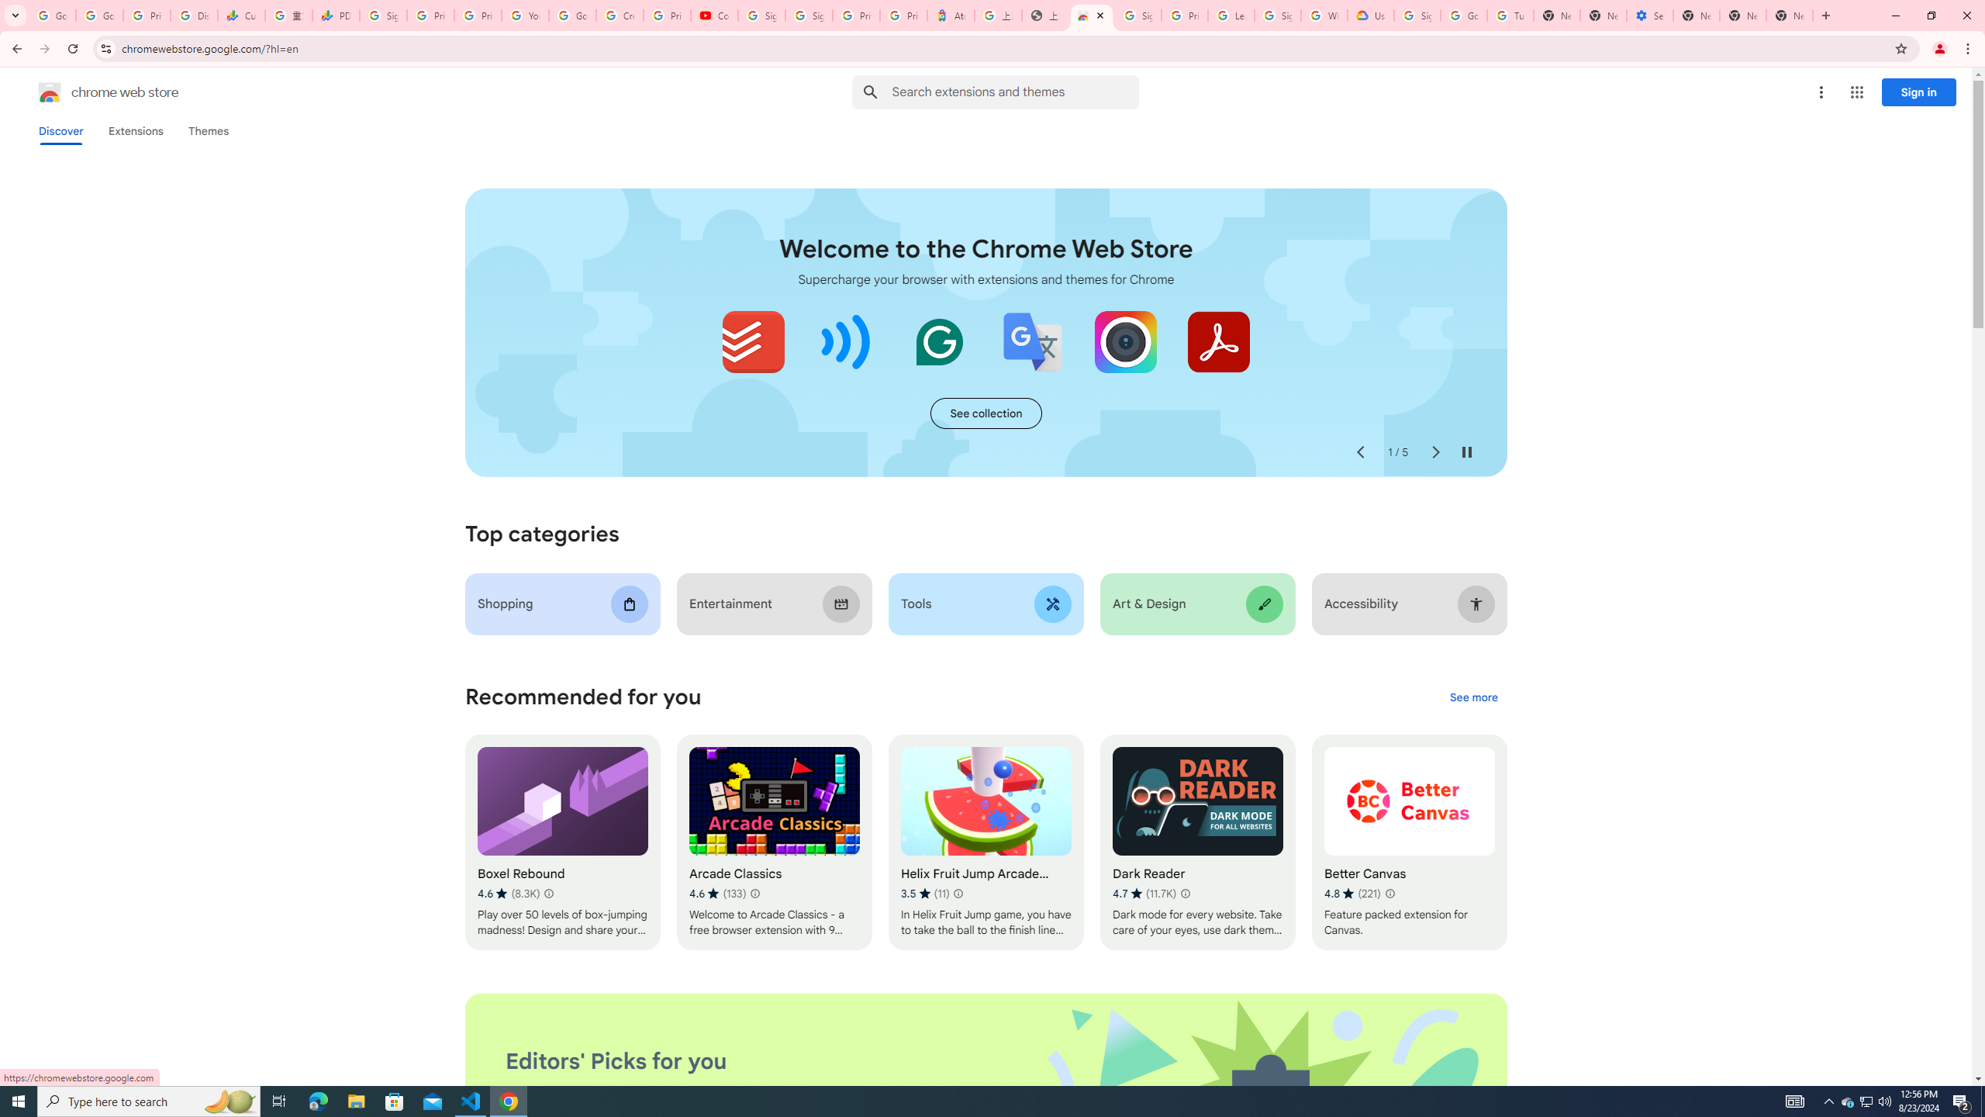  What do you see at coordinates (91, 92) in the screenshot?
I see `'Chrome Web Store logo chrome web store'` at bounding box center [91, 92].